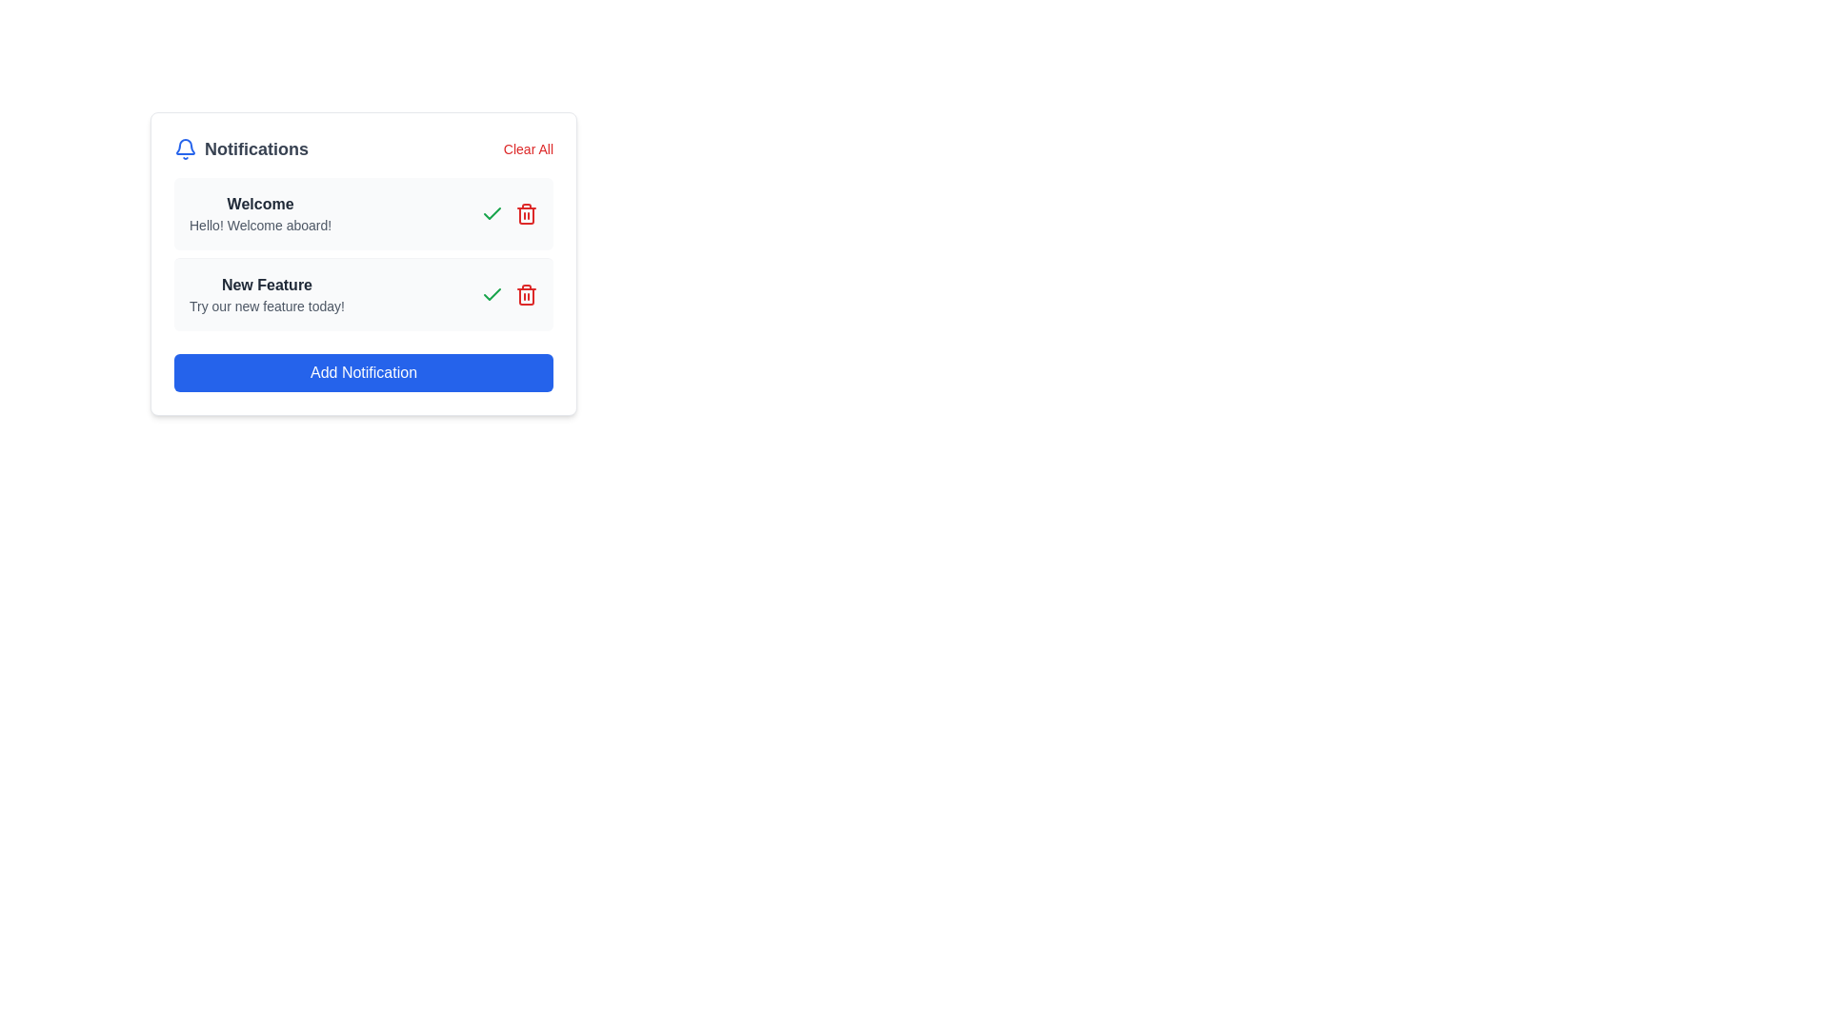 The height and width of the screenshot is (1028, 1829). I want to click on the text label within the notification card that informs the user about the newly introduced feature under the title 'New Feature', so click(266, 305).